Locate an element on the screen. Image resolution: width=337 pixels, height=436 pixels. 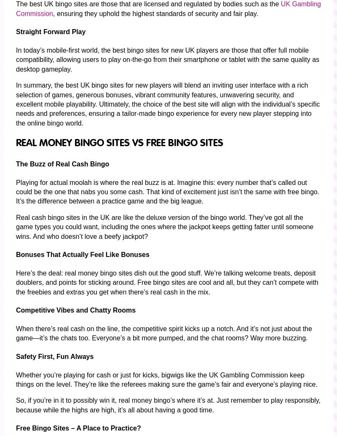
'So, if you’re in it to possibly win it, real money bingo’s where it’s at. Just remember to play responsibly, because while the highs are high, it’s all about having a good time.' is located at coordinates (168, 404).